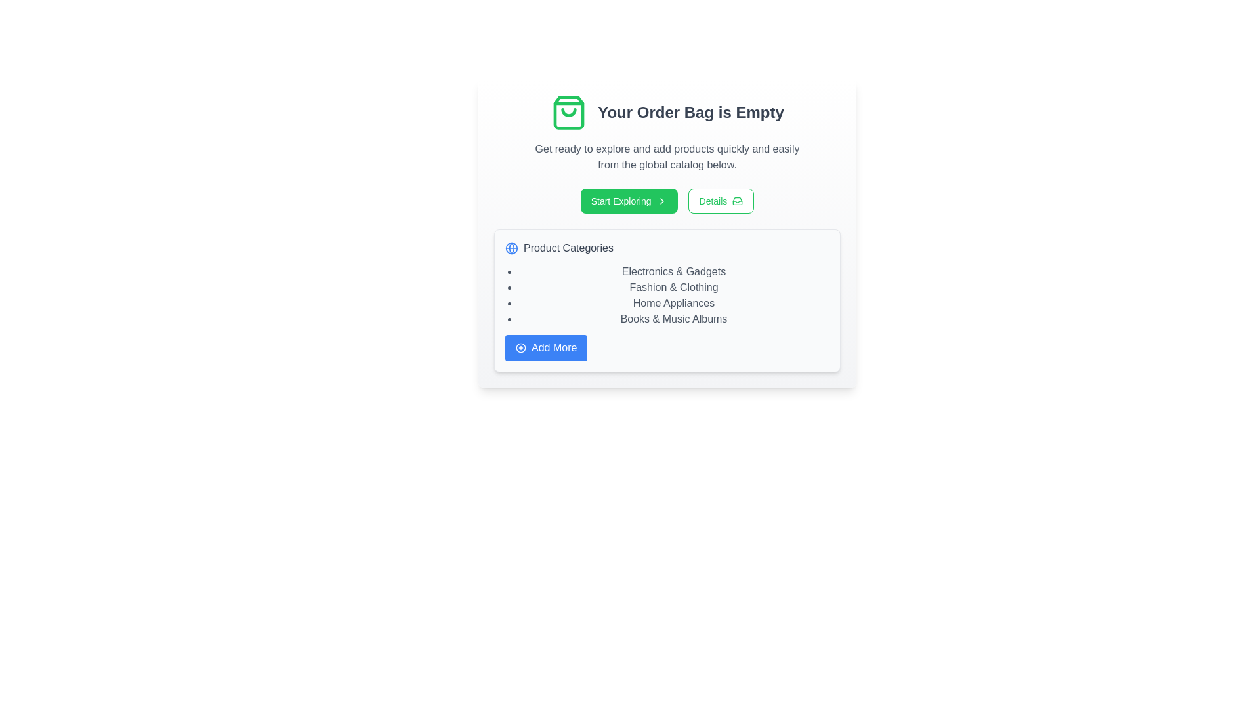 This screenshot has height=708, width=1260. I want to click on the decorative SVG circle that is part of the graphic icon related to the 'Add More' button, which is positioned to the left of the button at the bottom of the product categories panel, so click(520, 347).